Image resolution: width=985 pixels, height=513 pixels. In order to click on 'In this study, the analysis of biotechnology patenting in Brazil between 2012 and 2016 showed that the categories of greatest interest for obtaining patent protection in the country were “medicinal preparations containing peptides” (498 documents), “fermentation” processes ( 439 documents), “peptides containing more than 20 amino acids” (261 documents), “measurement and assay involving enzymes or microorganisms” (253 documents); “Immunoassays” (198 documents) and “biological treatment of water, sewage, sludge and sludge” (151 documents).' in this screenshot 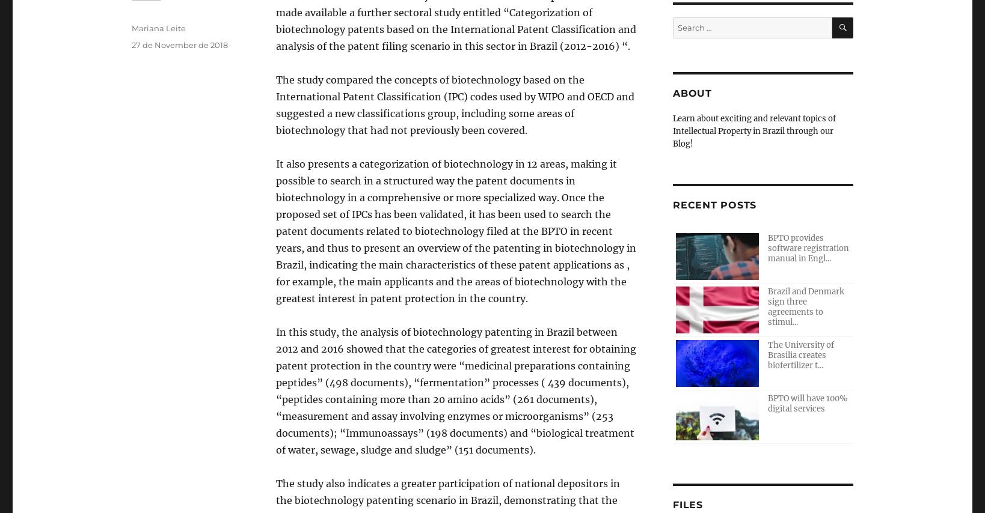, I will do `click(455, 391)`.